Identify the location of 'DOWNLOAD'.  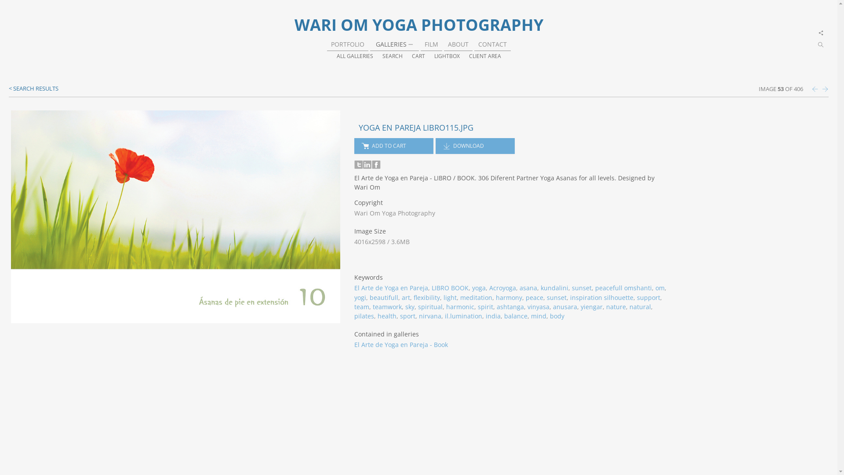
(474, 145).